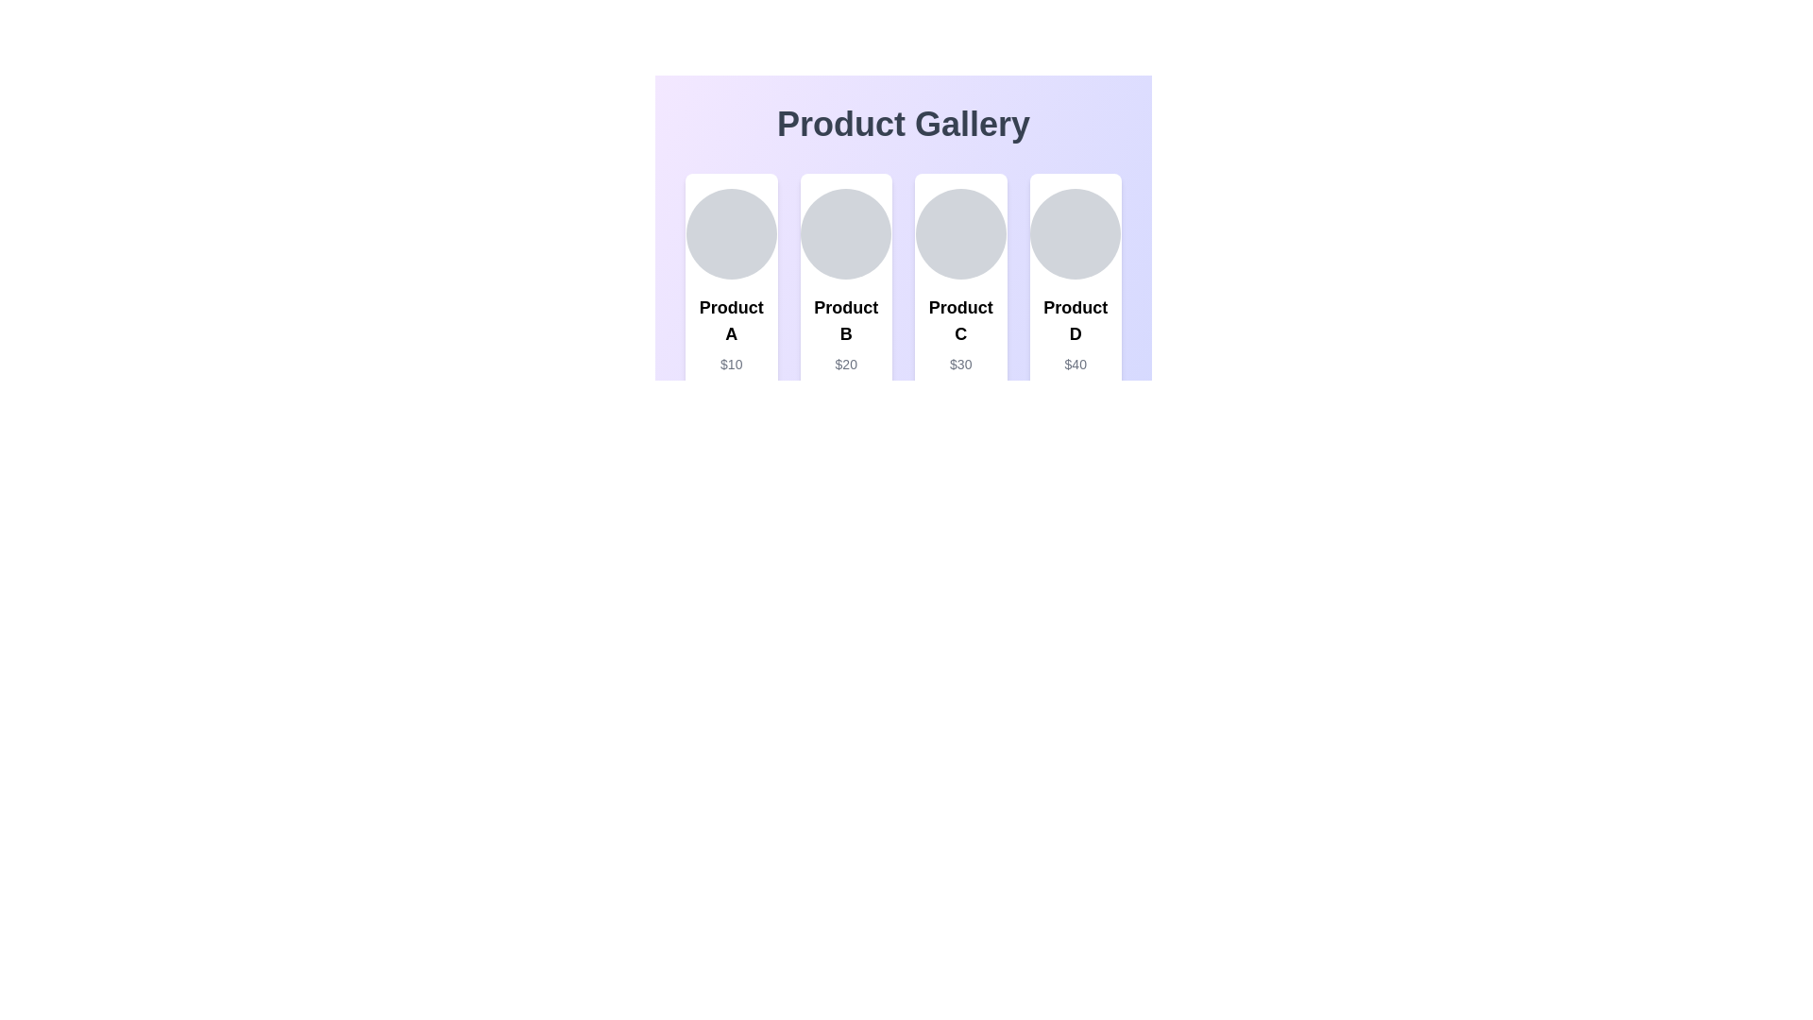 The width and height of the screenshot is (1813, 1020). Describe the element at coordinates (1076, 319) in the screenshot. I see `text displayed in the Text Label that shows the product name 'Product D', located in the fourth product card below the circular placeholder image and above the price information` at that location.